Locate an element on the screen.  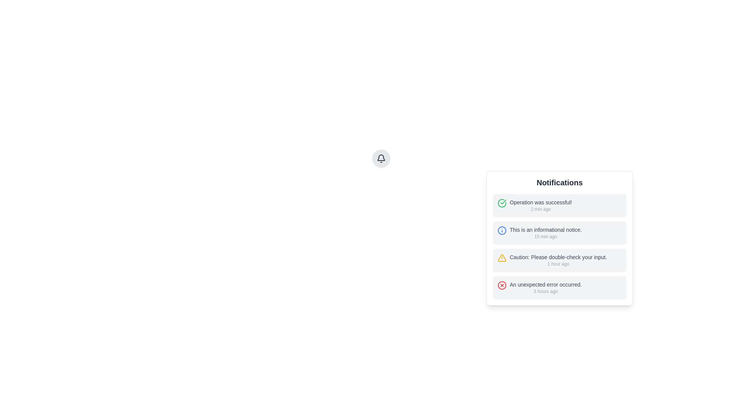
the circular blue graphic element within the informational icon located near the notification panel is located at coordinates (502, 230).